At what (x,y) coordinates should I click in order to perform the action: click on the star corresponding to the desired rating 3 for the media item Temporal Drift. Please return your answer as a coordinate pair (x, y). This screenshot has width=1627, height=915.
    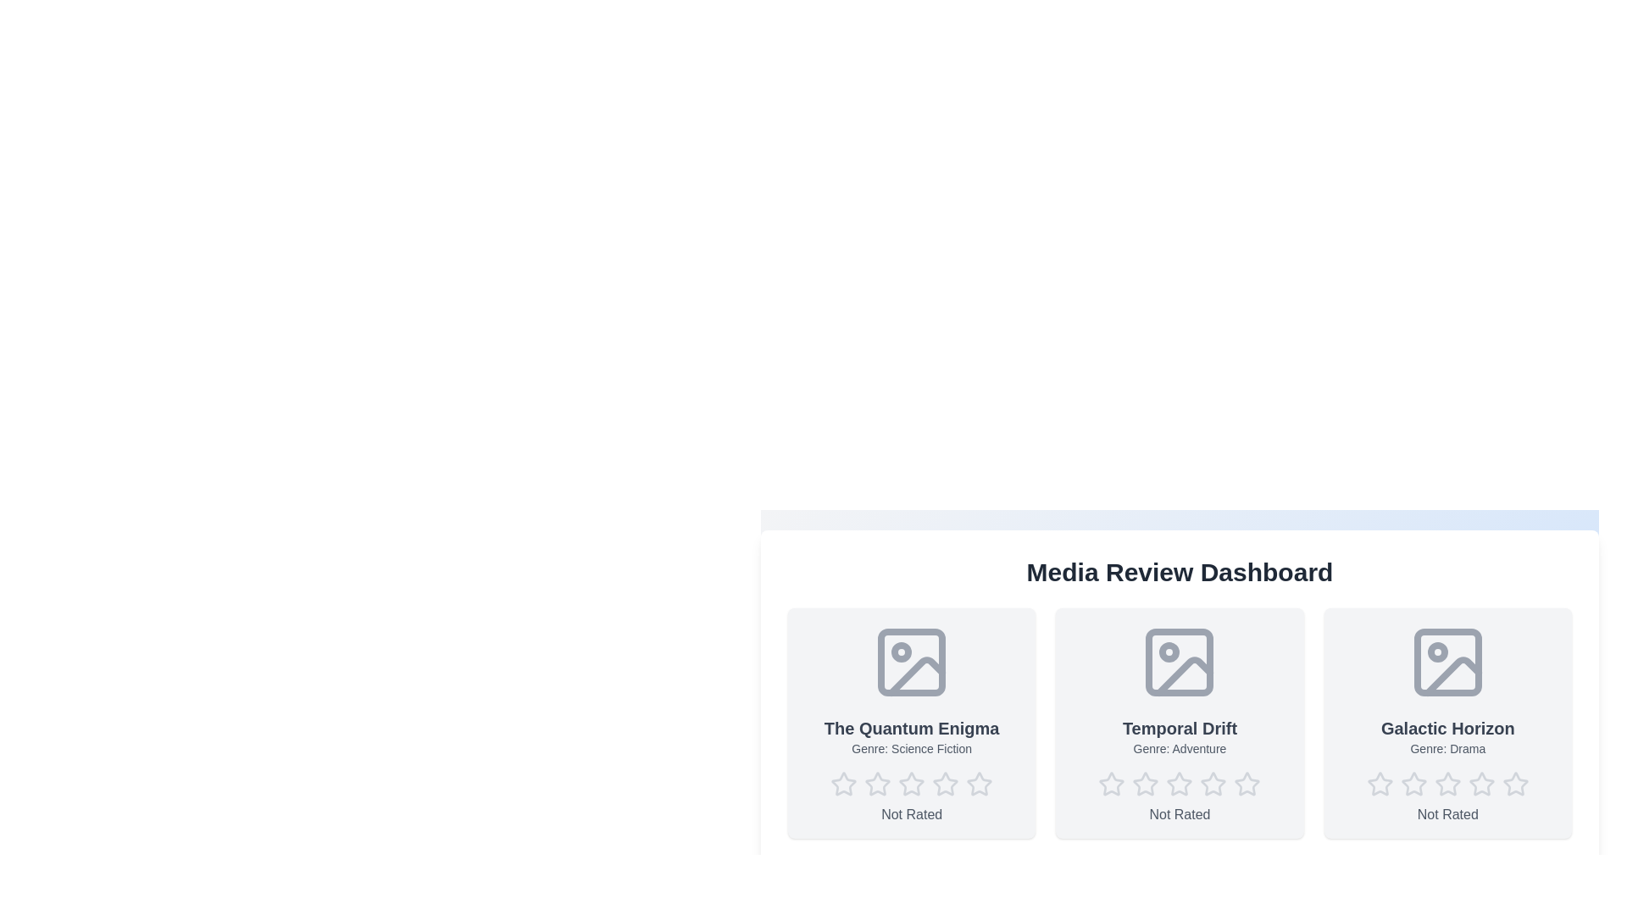
    Looking at the image, I should click on (1179, 784).